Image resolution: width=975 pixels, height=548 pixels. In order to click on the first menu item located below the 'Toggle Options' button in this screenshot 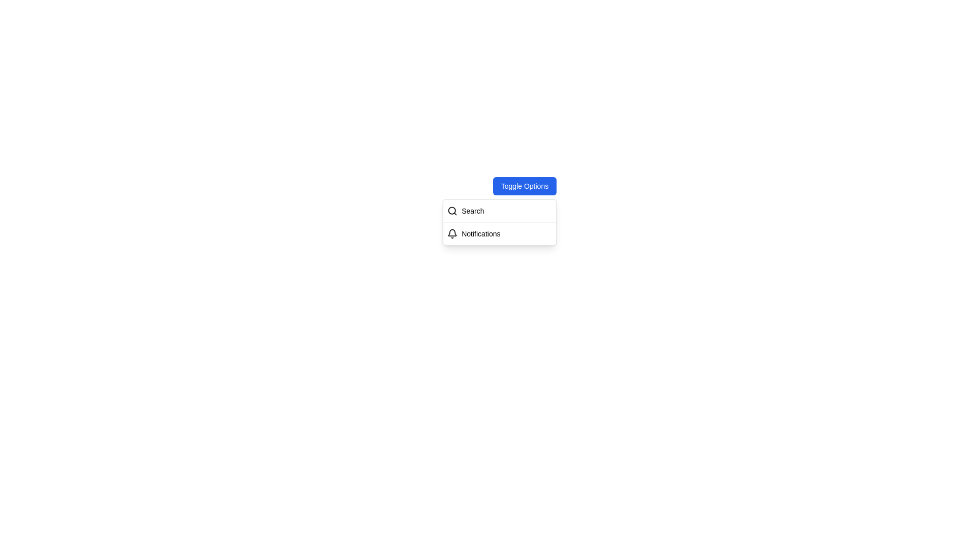, I will do `click(500, 211)`.